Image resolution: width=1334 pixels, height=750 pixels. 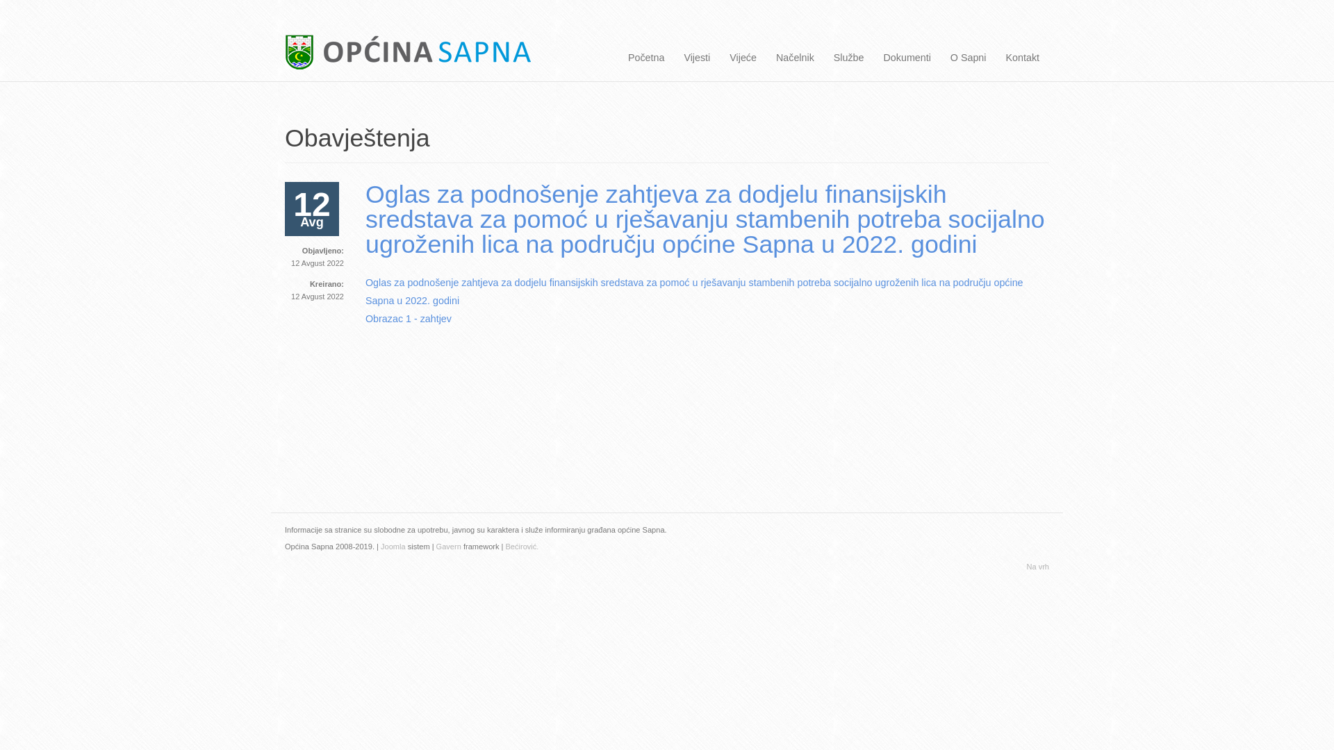 I want to click on 'Kontakt', so click(x=1023, y=57).